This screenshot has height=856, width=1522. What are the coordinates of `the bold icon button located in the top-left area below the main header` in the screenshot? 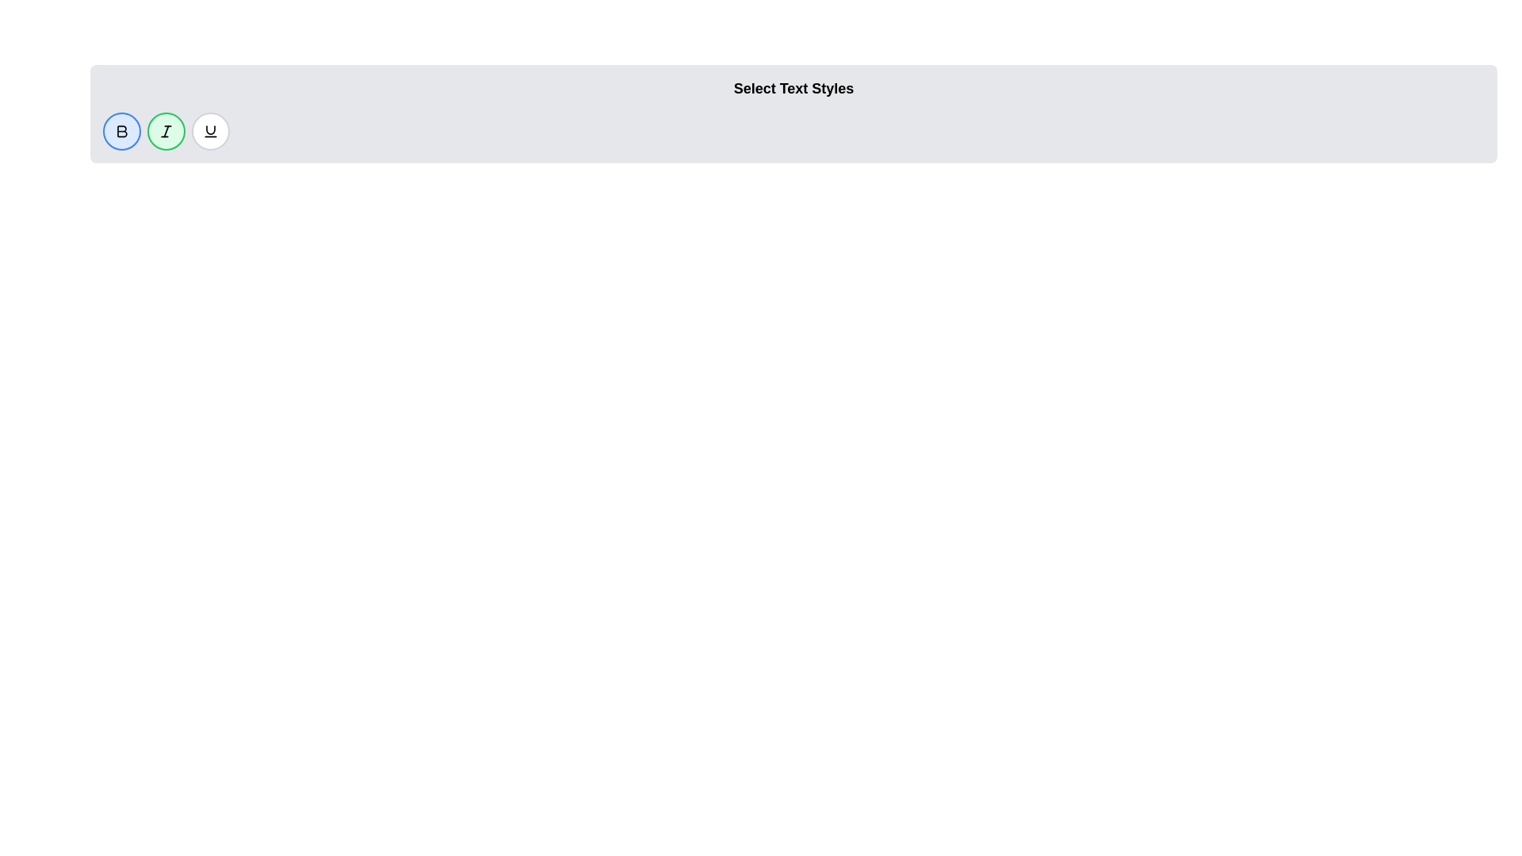 It's located at (120, 130).